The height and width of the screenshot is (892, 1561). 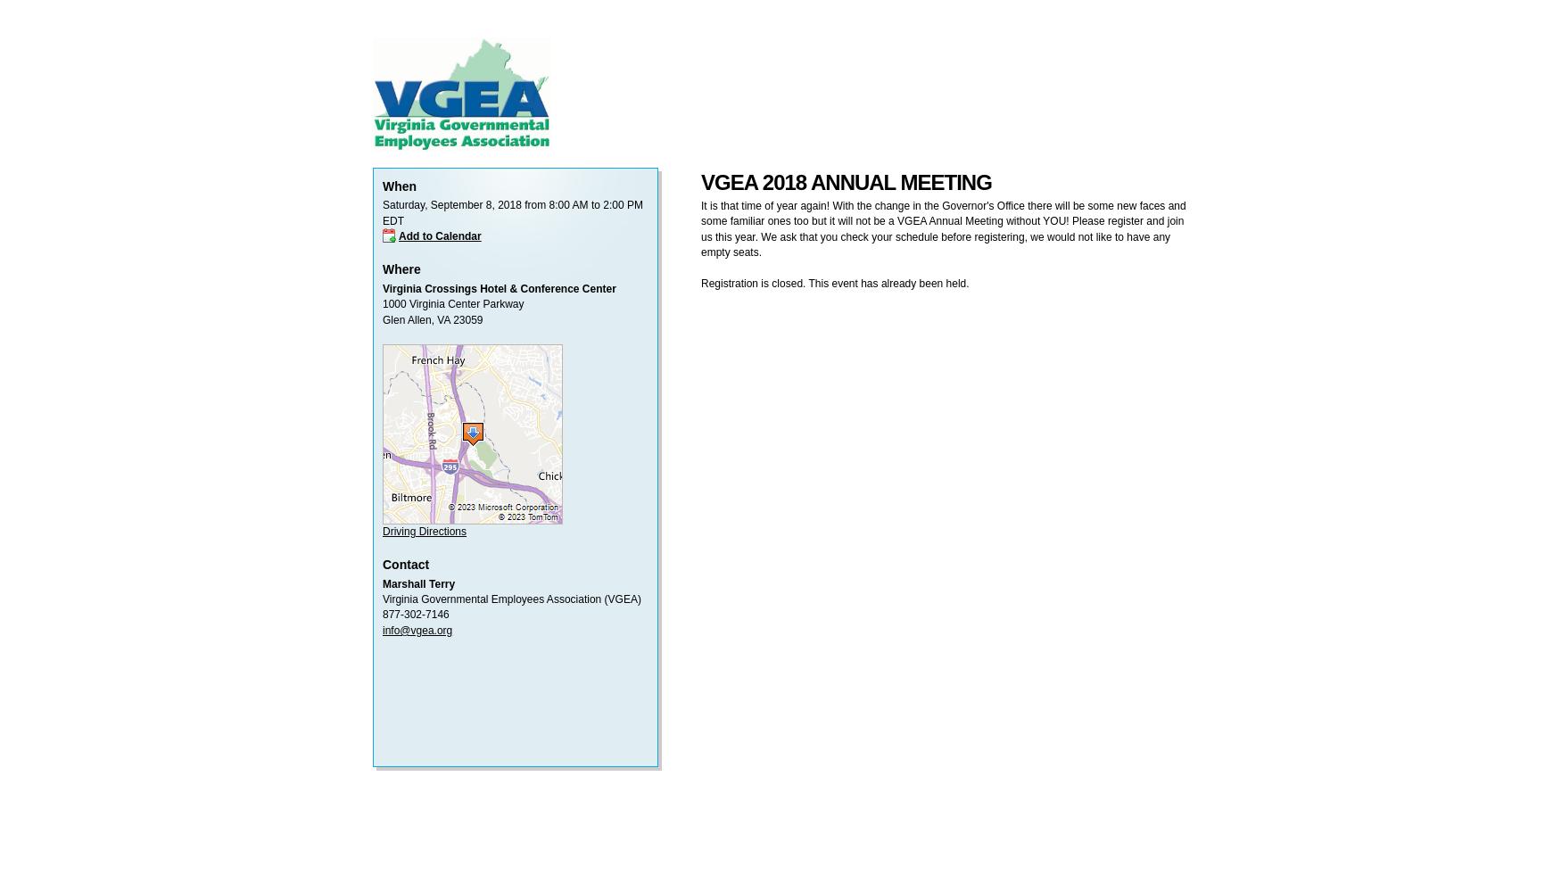 I want to click on 'Virginia Crossings Hotel & Conference Center', so click(x=498, y=287).